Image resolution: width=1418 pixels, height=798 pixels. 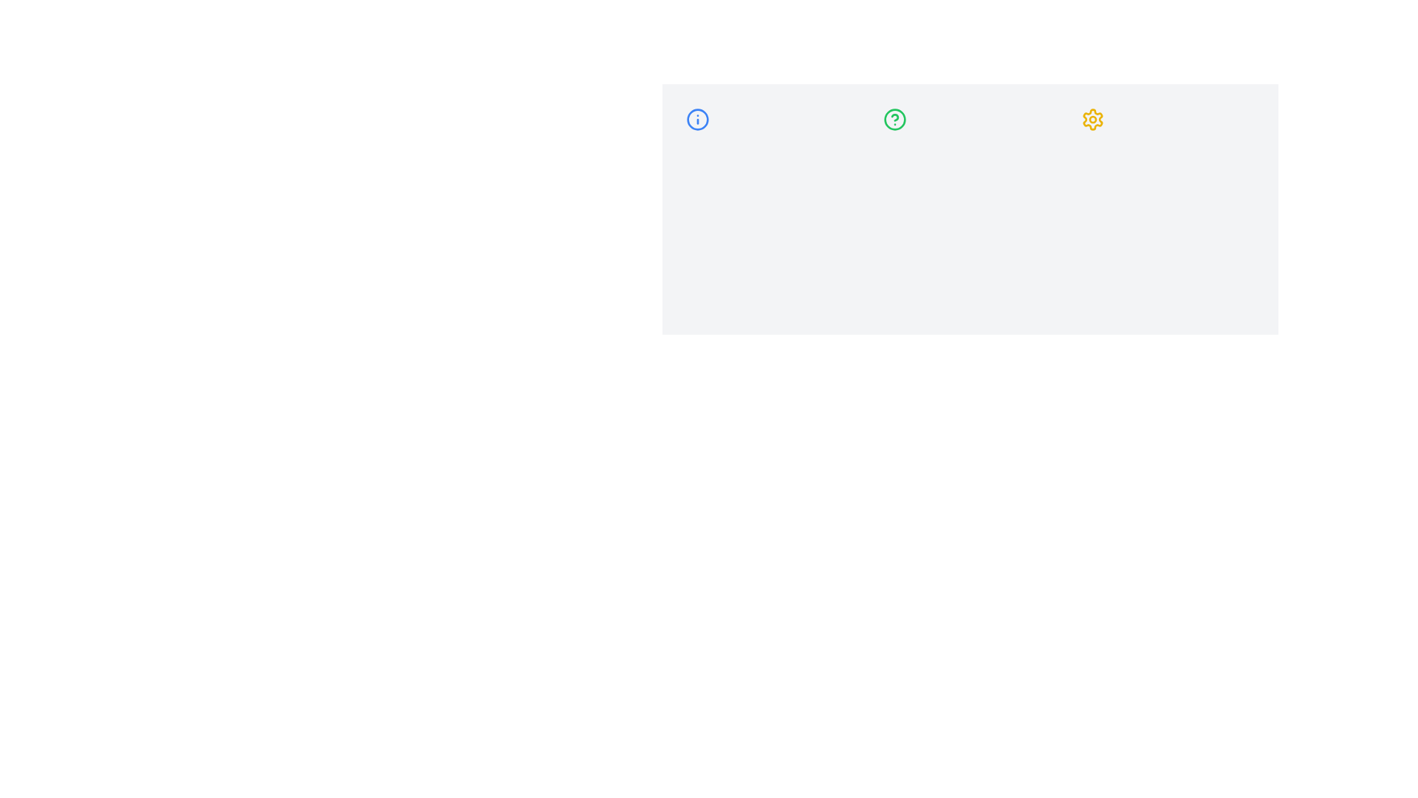 I want to click on the Circular graphic component, which is a round shape with a green border located centrally within a green-outlined question mark icon, the middle icon in a horizontal row of three icons, so click(x=894, y=119).